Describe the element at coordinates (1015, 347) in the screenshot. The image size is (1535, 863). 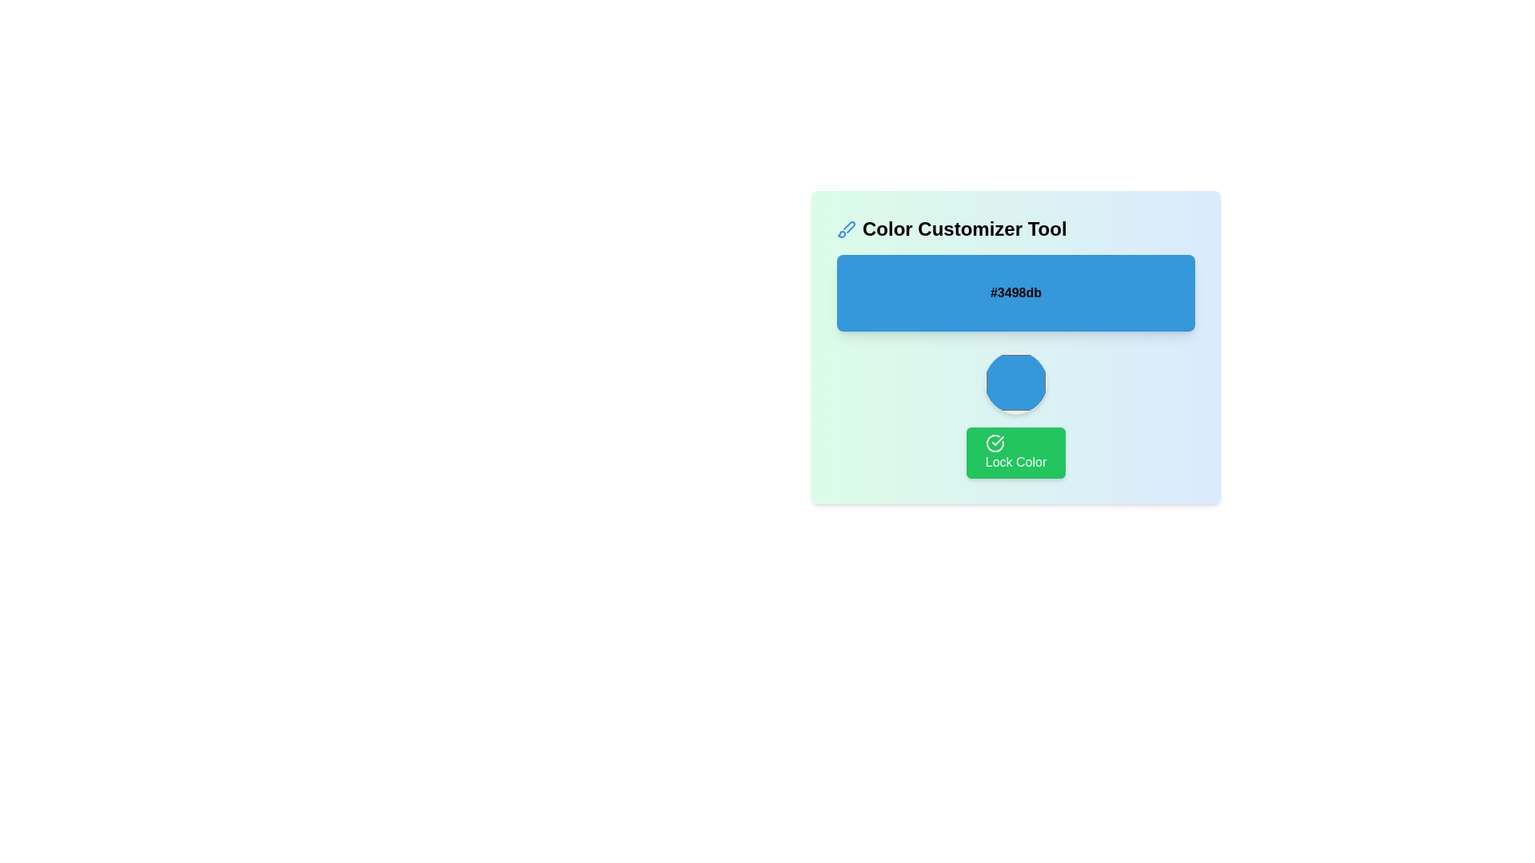
I see `the circular color picker element, which is styled with a blue fill and is 80 pixels in diameter` at that location.